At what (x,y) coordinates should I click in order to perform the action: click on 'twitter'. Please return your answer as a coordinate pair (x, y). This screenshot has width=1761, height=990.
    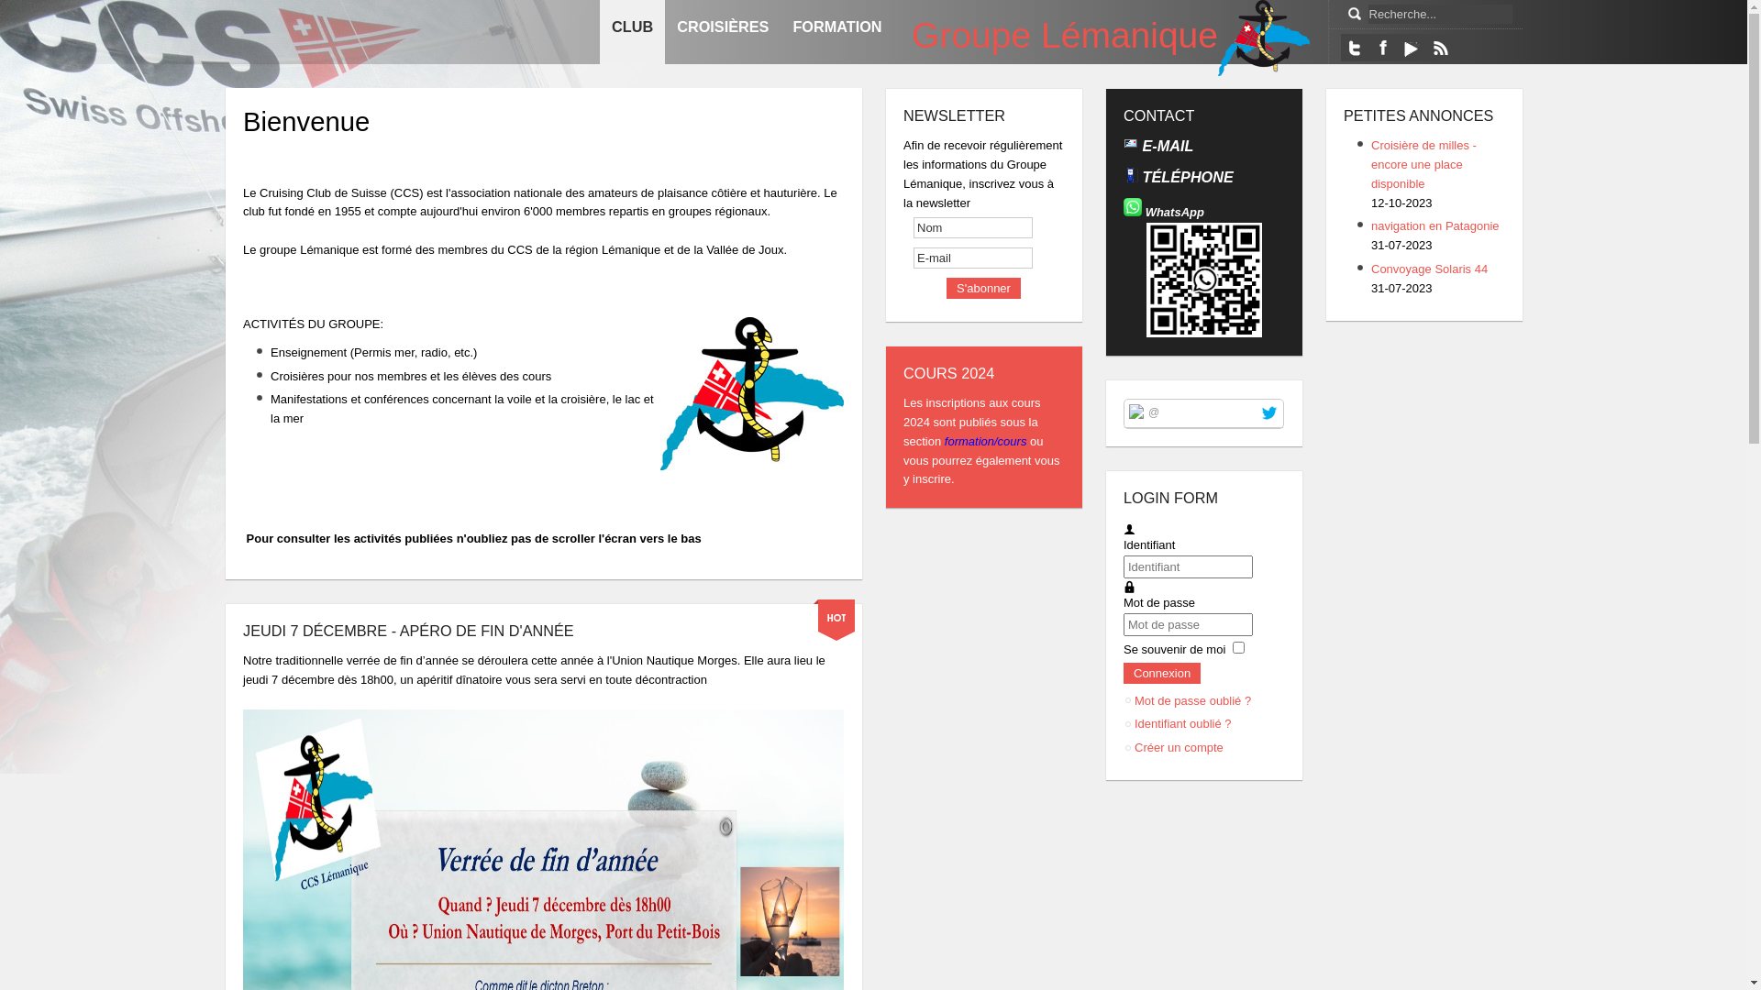
    Looking at the image, I should click on (1268, 412).